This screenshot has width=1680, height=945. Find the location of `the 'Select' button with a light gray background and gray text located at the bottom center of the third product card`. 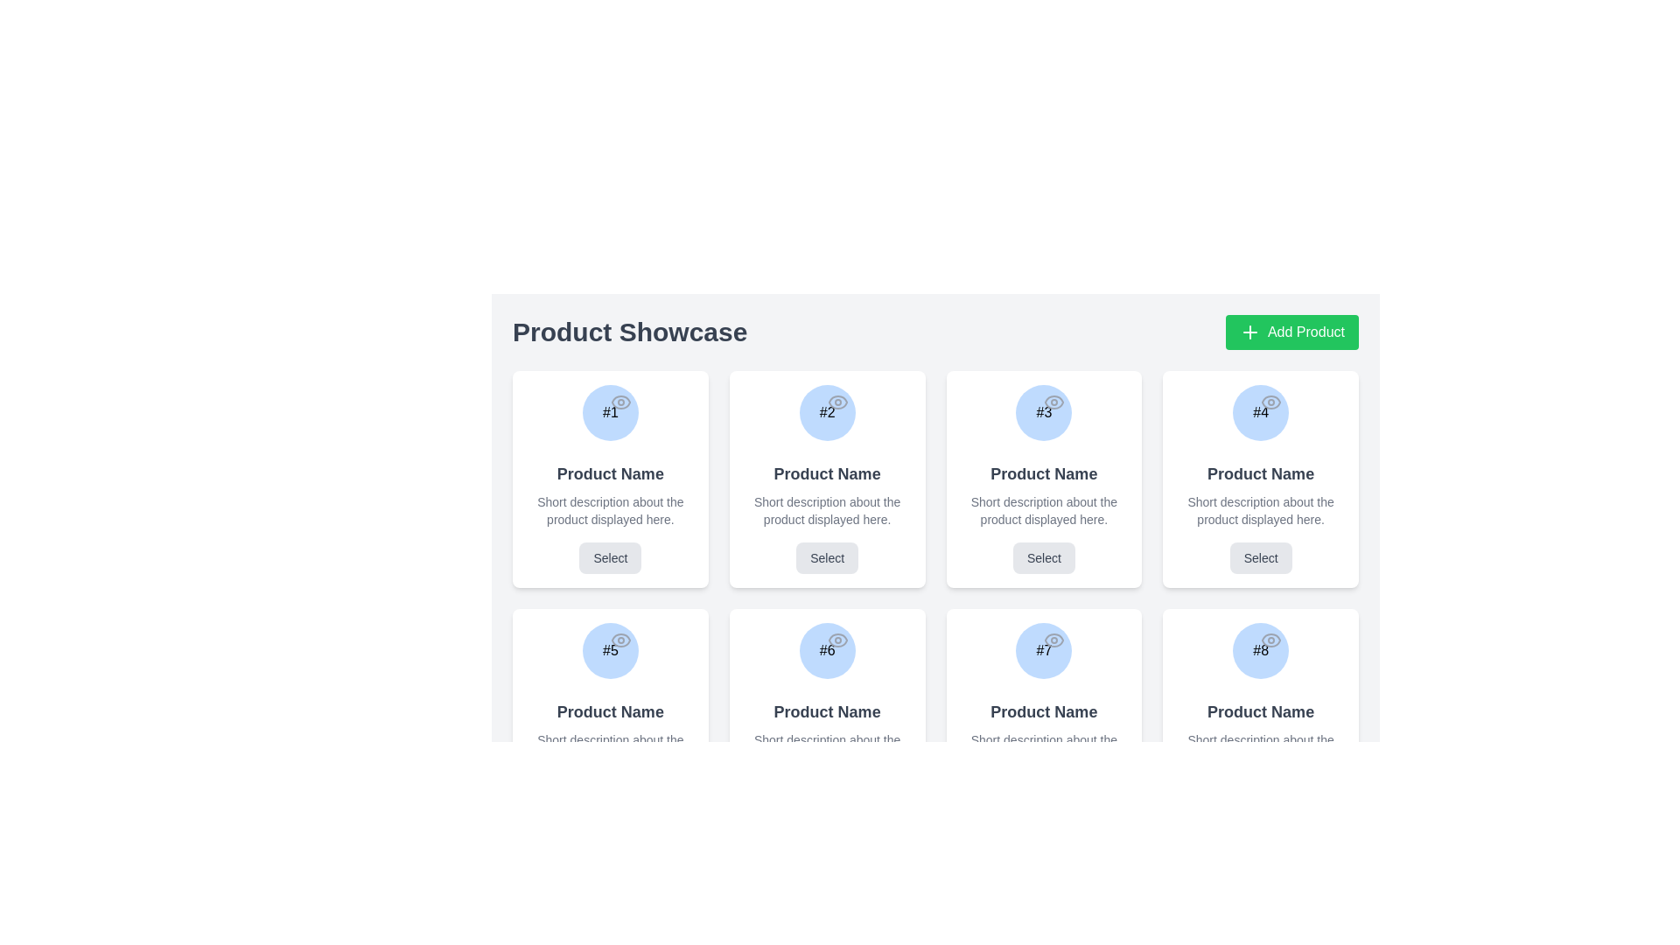

the 'Select' button with a light gray background and gray text located at the bottom center of the third product card is located at coordinates (1044, 557).